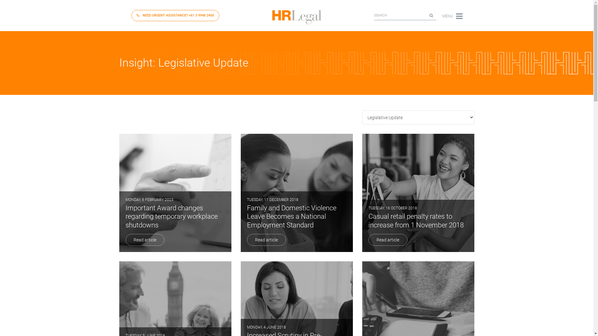 This screenshot has height=336, width=598. I want to click on 'Read article', so click(144, 240).